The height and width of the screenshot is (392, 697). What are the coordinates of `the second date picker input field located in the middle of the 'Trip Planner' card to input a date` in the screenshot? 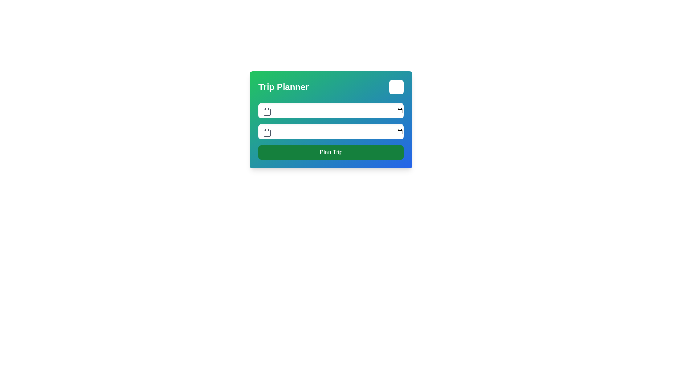 It's located at (331, 131).